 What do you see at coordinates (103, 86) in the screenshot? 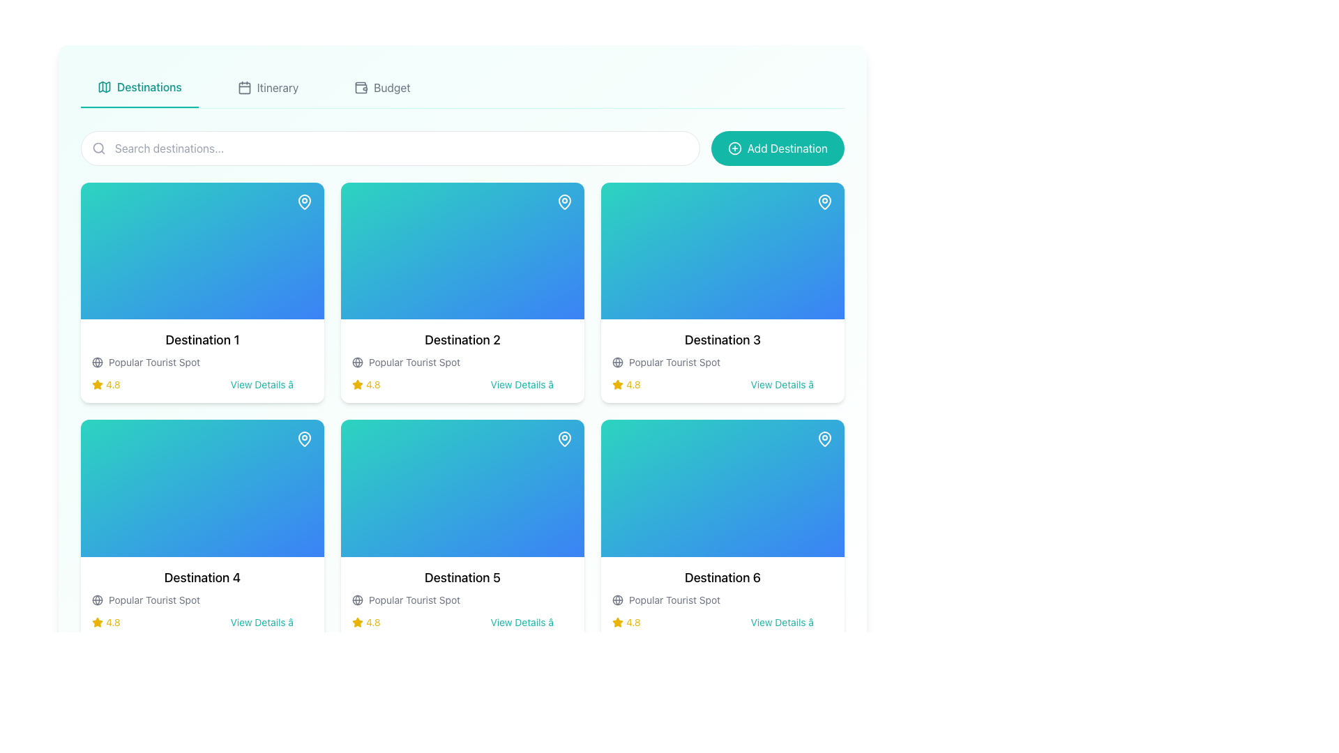
I see `the decorative icon representing the 'Destinations' section located at the top-left corner of the interface, adjacent to the 'Destinations' text label` at bounding box center [103, 86].